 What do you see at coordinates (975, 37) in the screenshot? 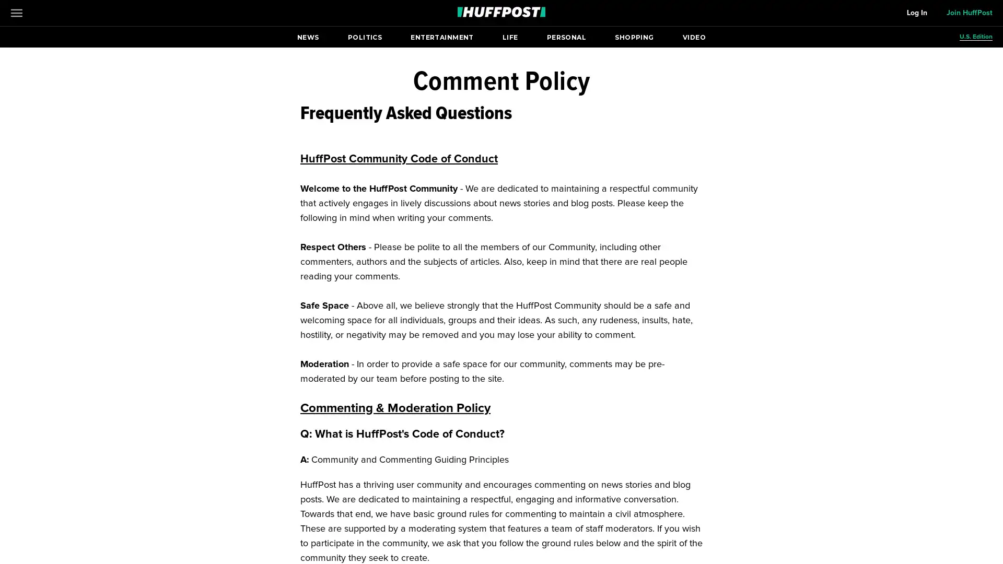
I see `U.S. Edition Open editions submenu` at bounding box center [975, 37].